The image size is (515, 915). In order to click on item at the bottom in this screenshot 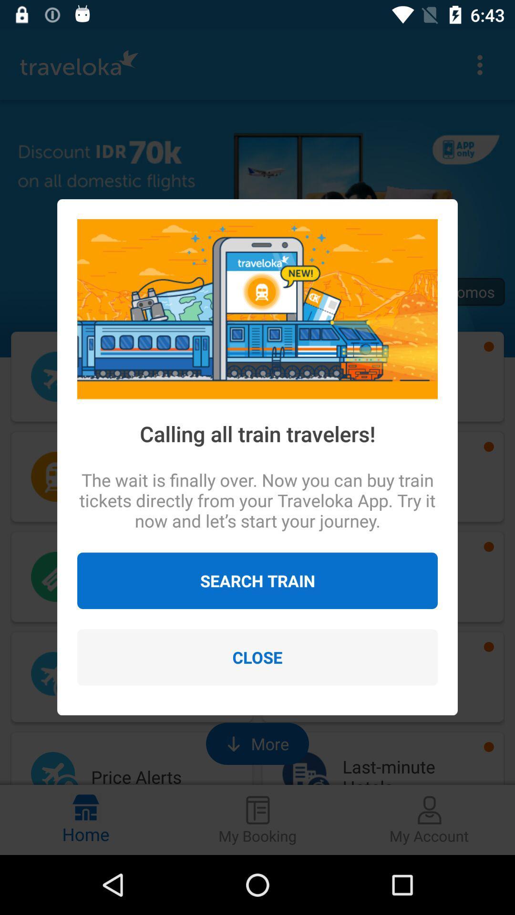, I will do `click(257, 657)`.